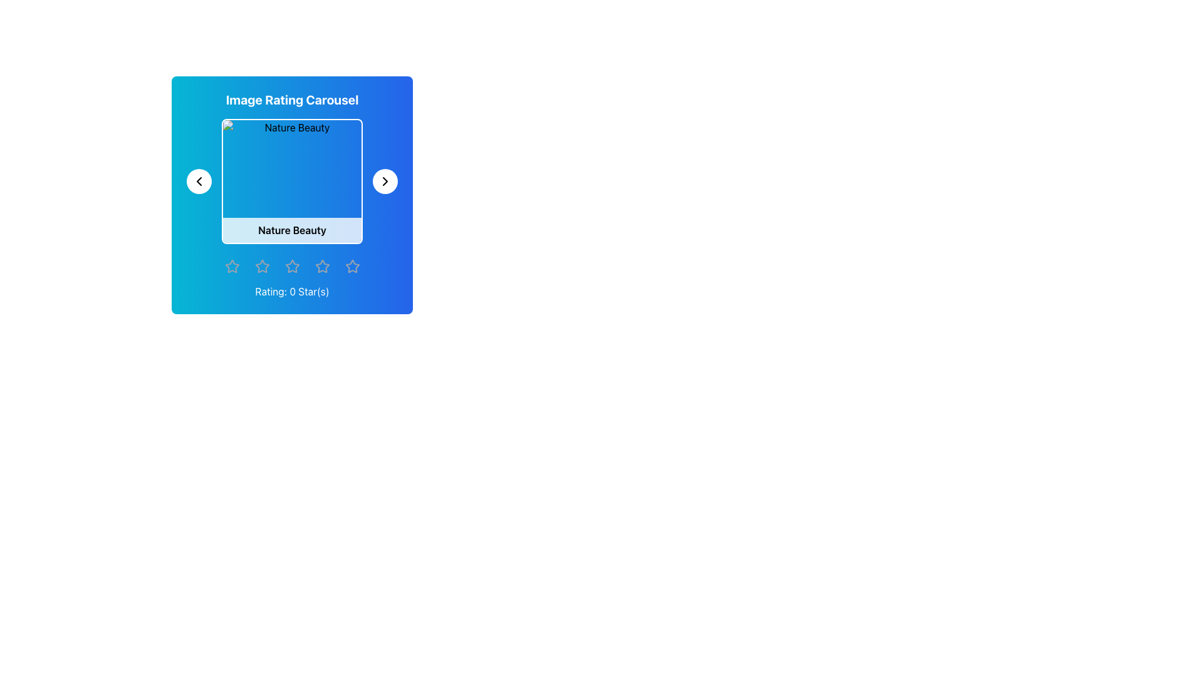 This screenshot has width=1203, height=676. I want to click on the first star icon in the horizontal star rating component located beneath the 'Rating: 0 Star(s)' label for additional interaction, so click(231, 265).